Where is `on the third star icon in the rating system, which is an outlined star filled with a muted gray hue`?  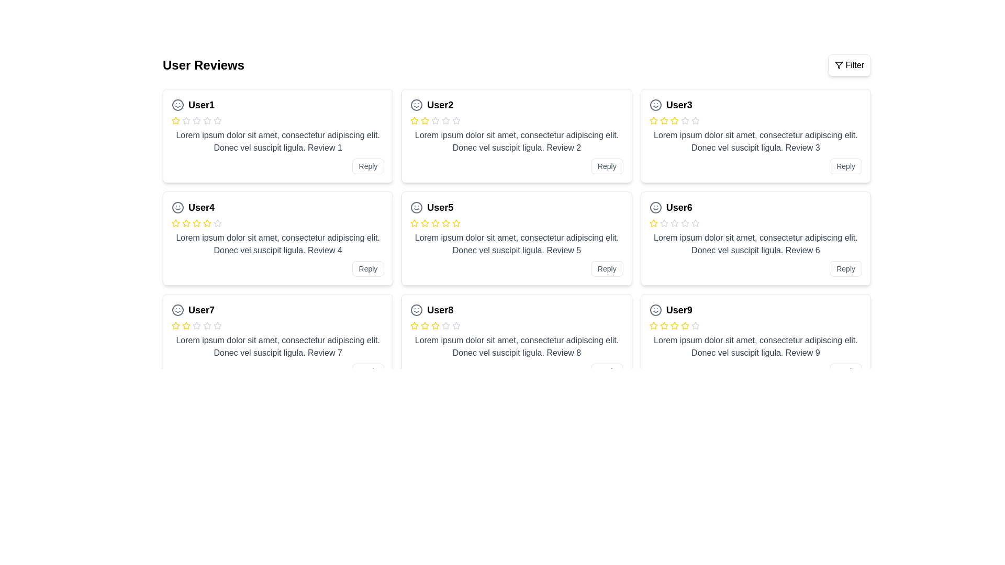
on the third star icon in the rating system, which is an outlined star filled with a muted gray hue is located at coordinates (186, 120).